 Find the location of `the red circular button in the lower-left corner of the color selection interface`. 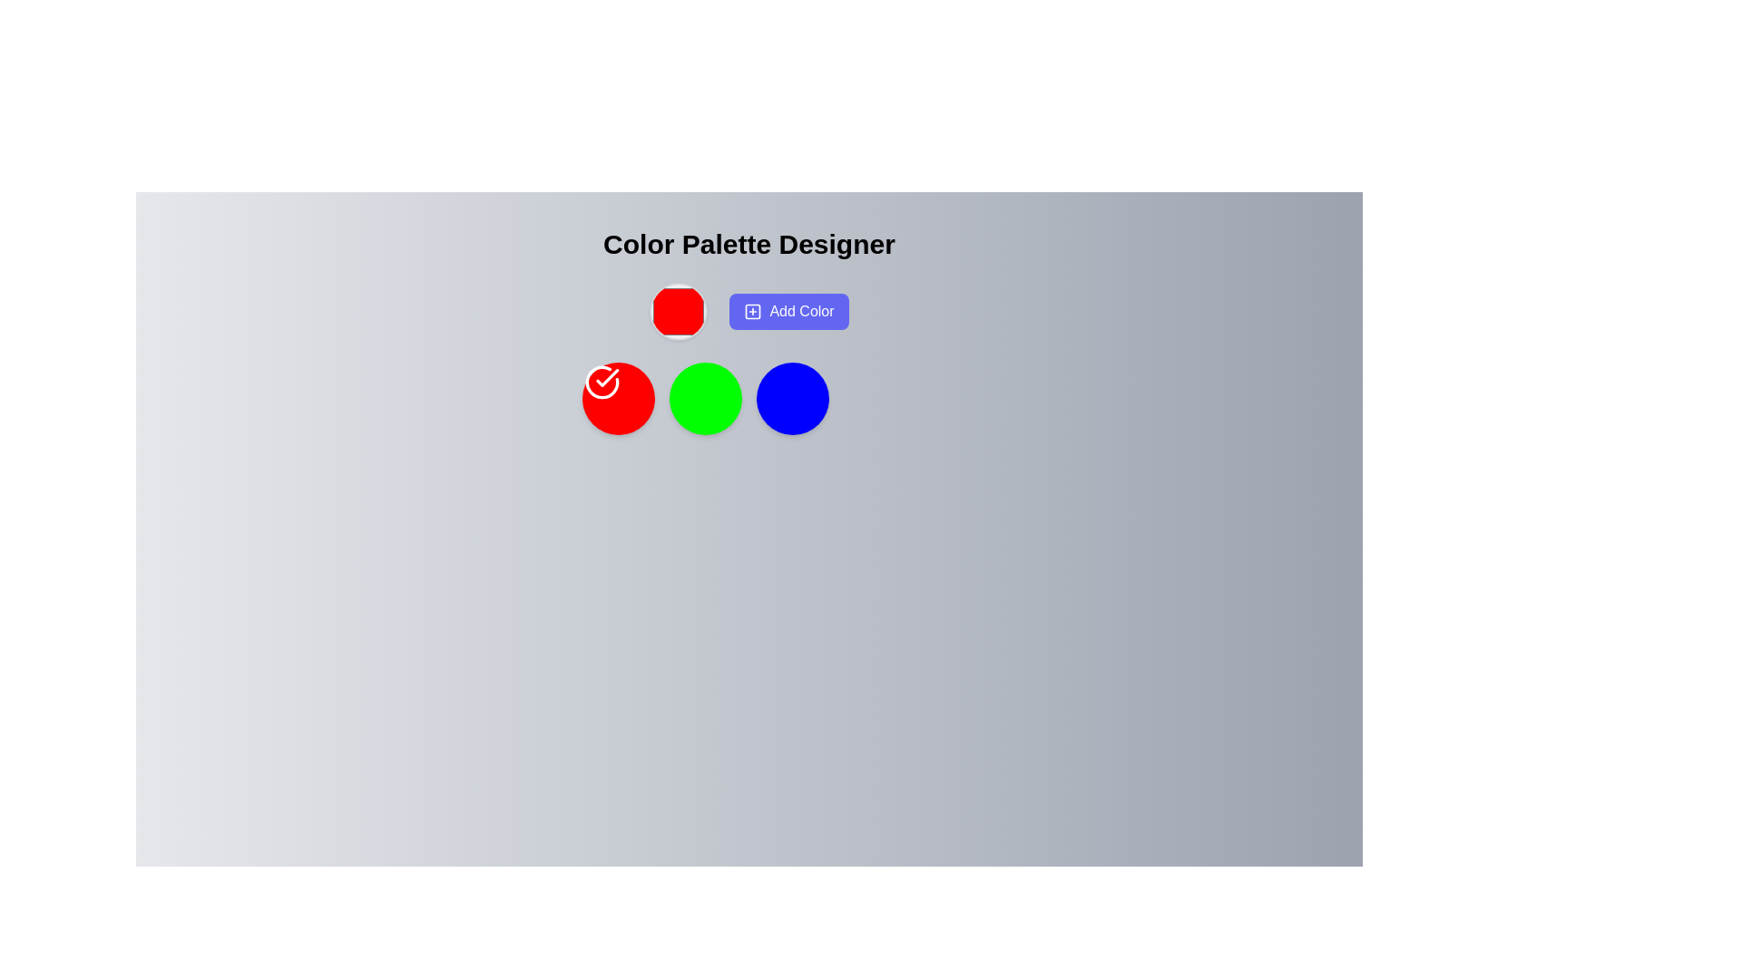

the red circular button in the lower-left corner of the color selection interface is located at coordinates (602, 381).